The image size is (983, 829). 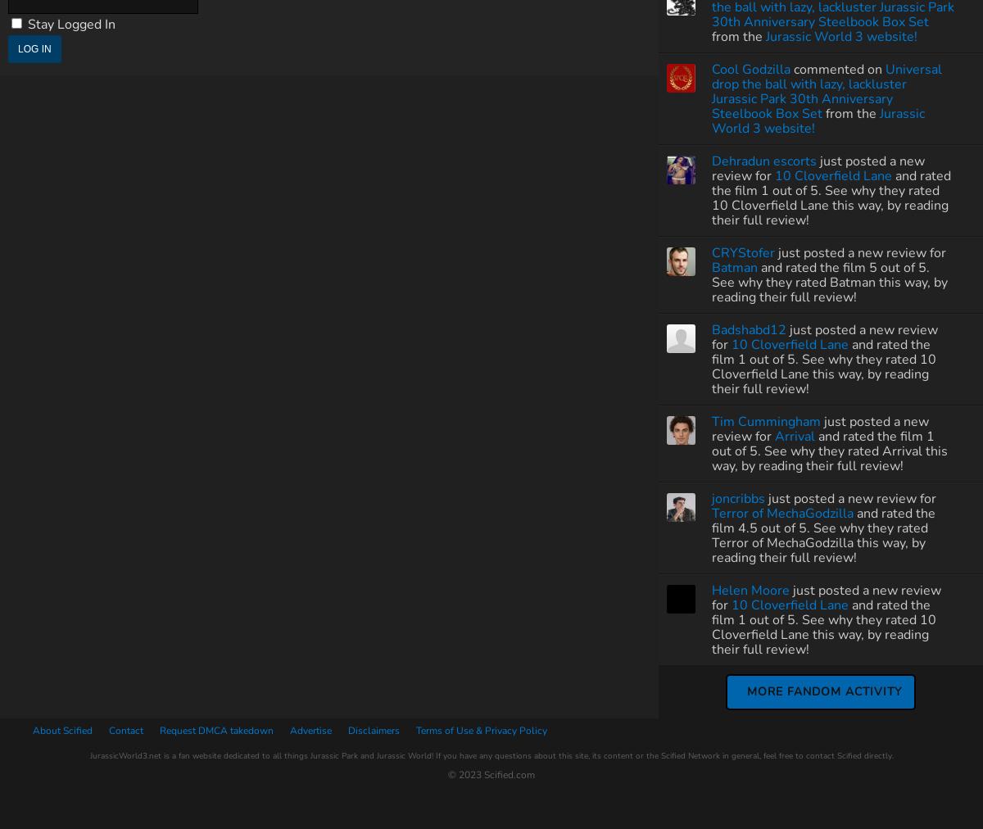 I want to click on 'Arrival', so click(x=795, y=435).